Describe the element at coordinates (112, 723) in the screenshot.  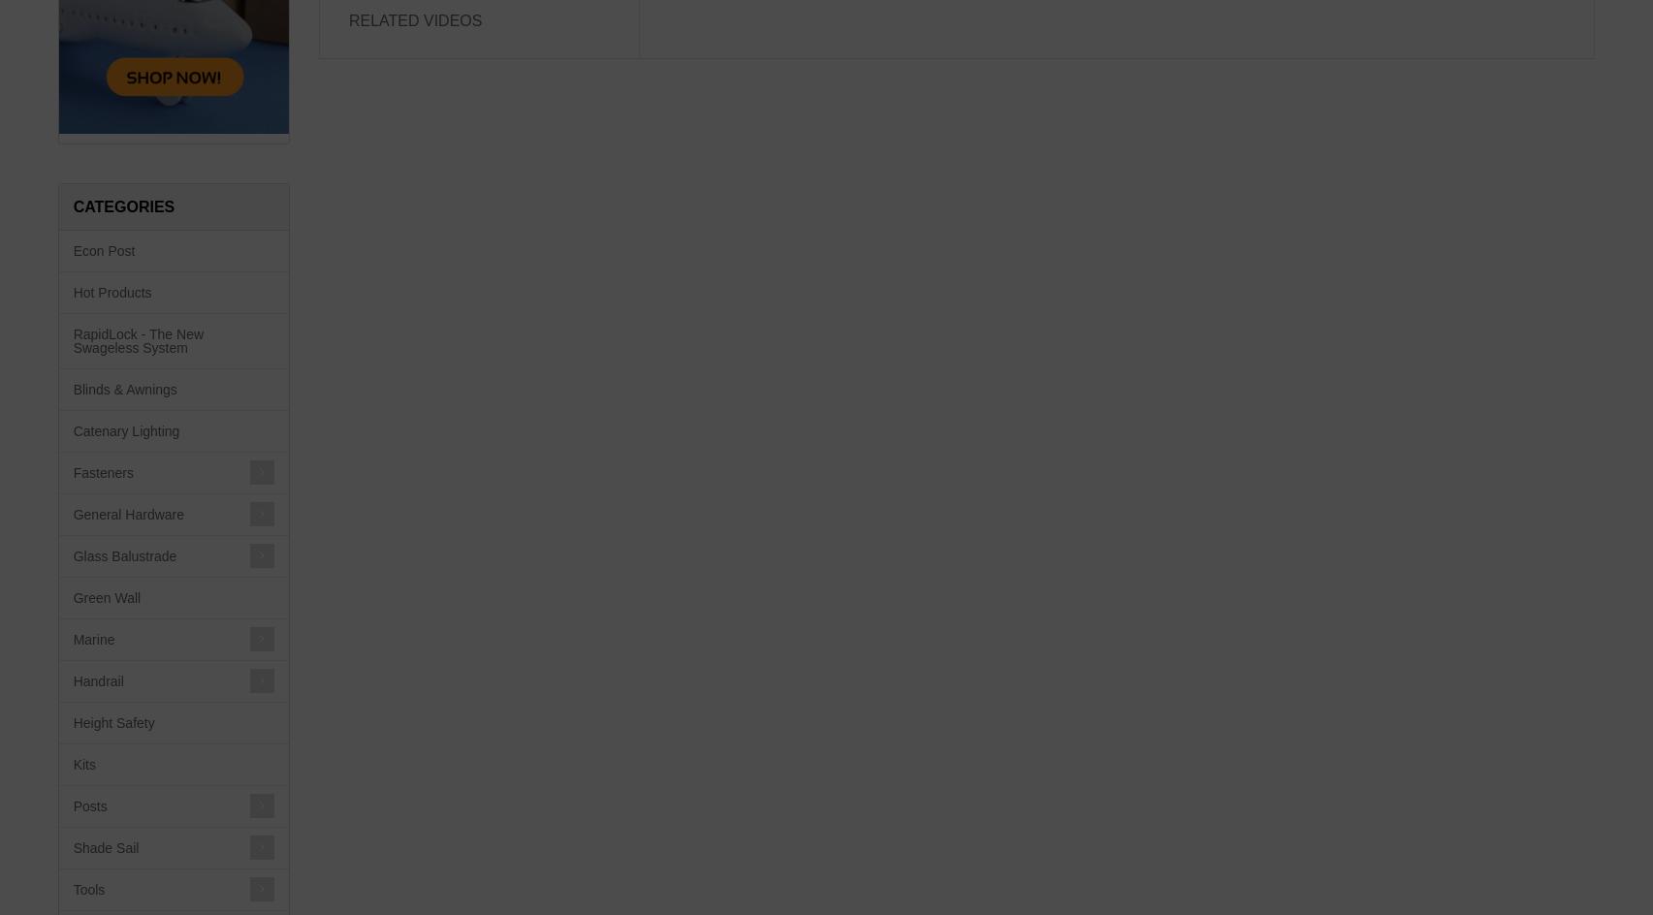
I see `'Height Safety'` at that location.